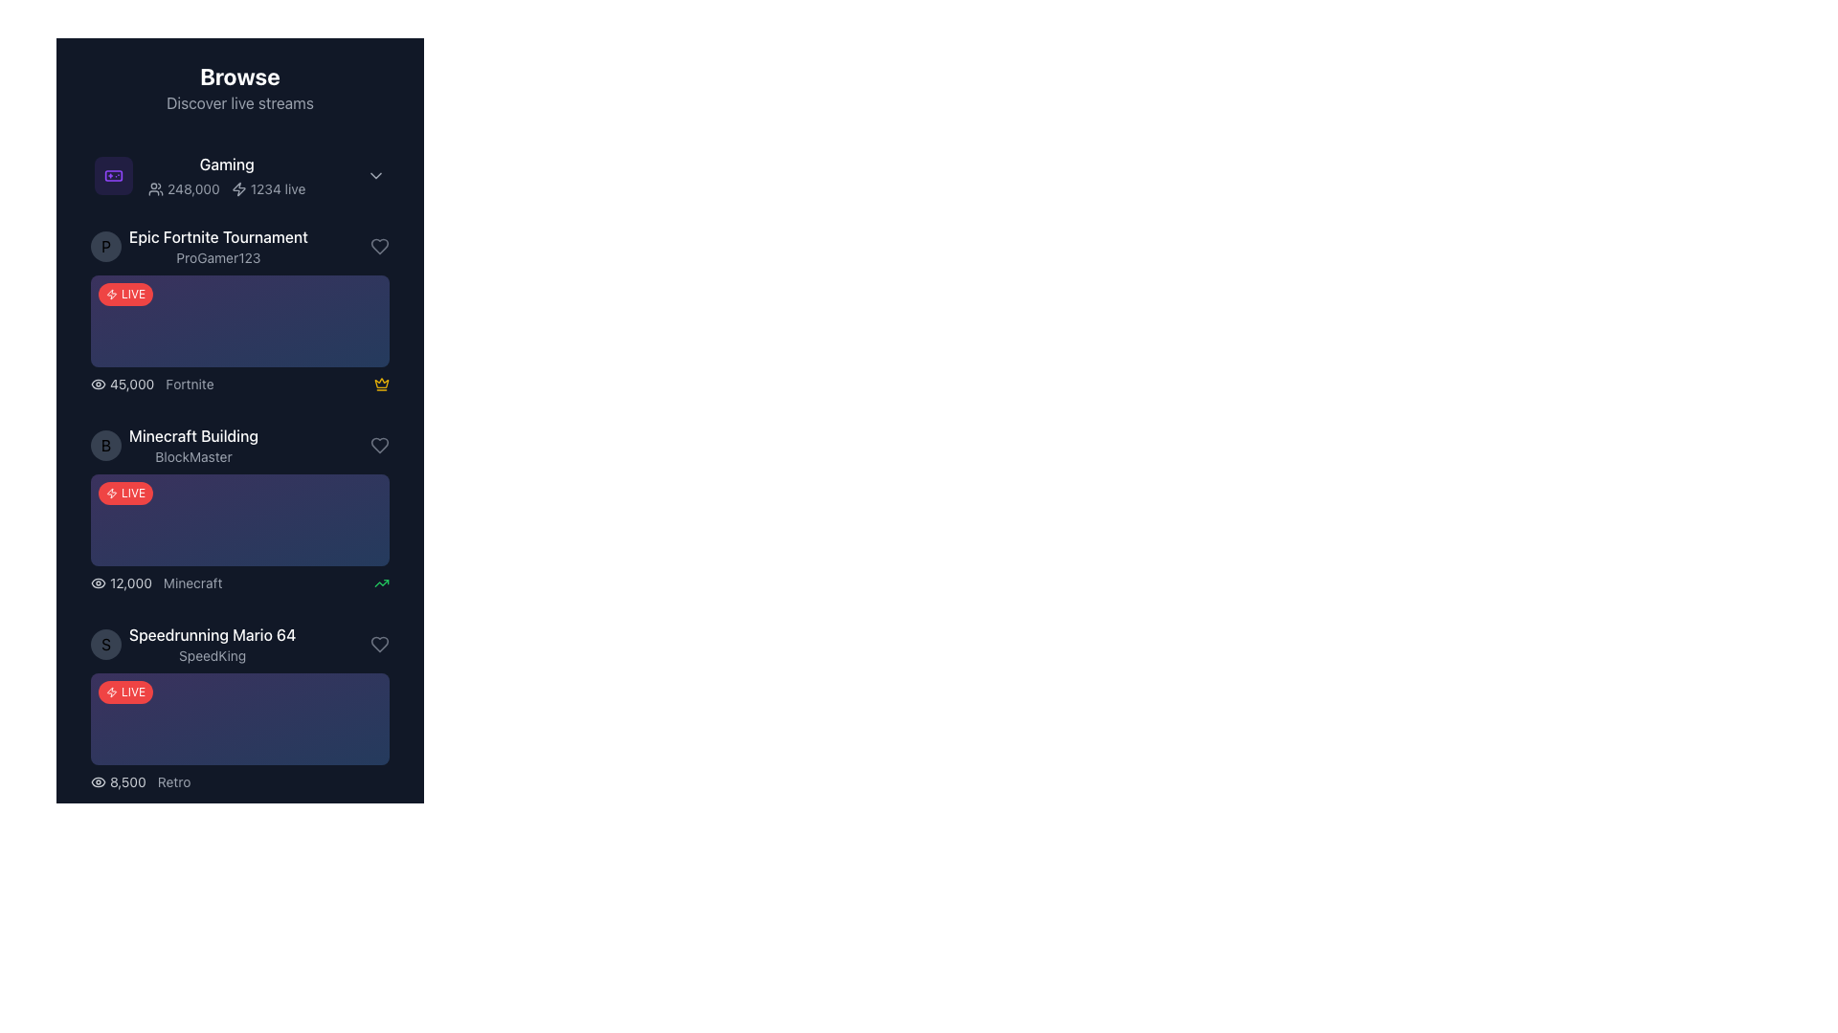 This screenshot has width=1838, height=1033. I want to click on the upward arrow icon representing a trend or increase, which is located at the right end of the 'Minecraft Building' listing, so click(381, 582).